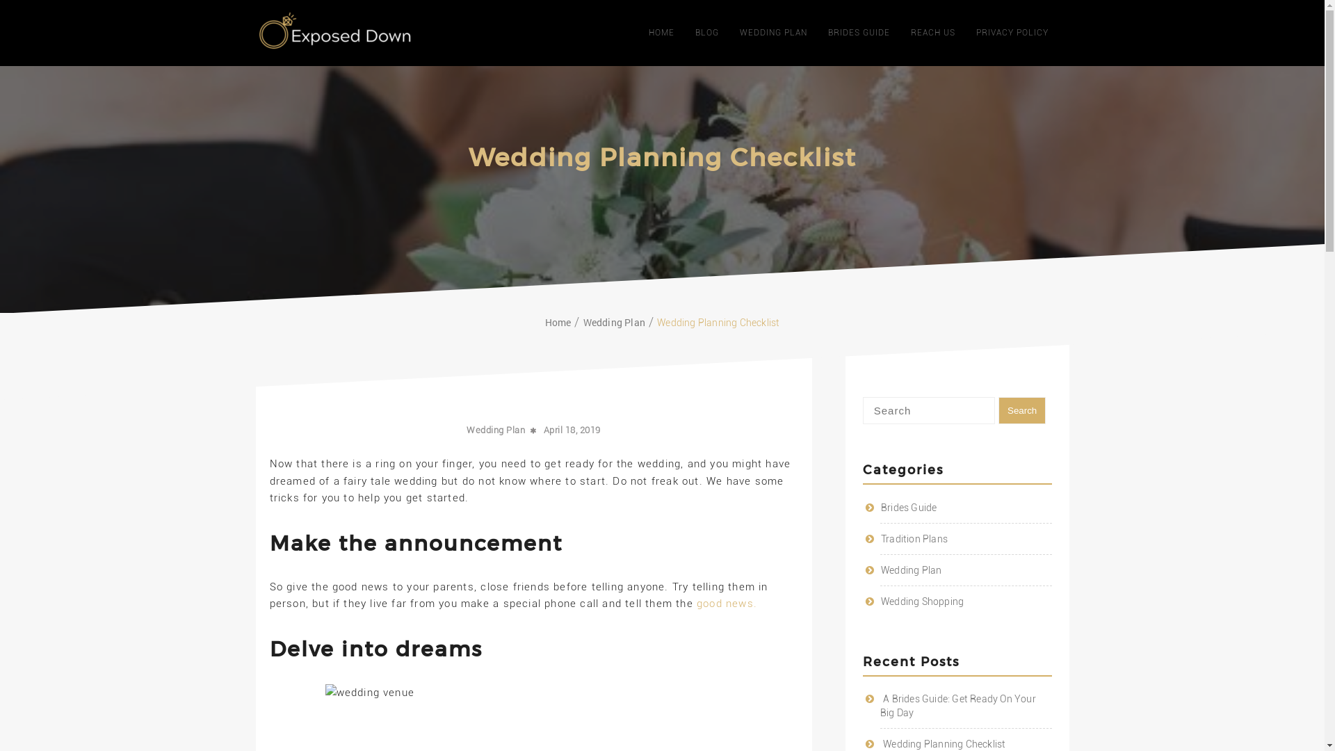 Image resolution: width=1335 pixels, height=751 pixels. What do you see at coordinates (572, 429) in the screenshot?
I see `'April 18, 2019'` at bounding box center [572, 429].